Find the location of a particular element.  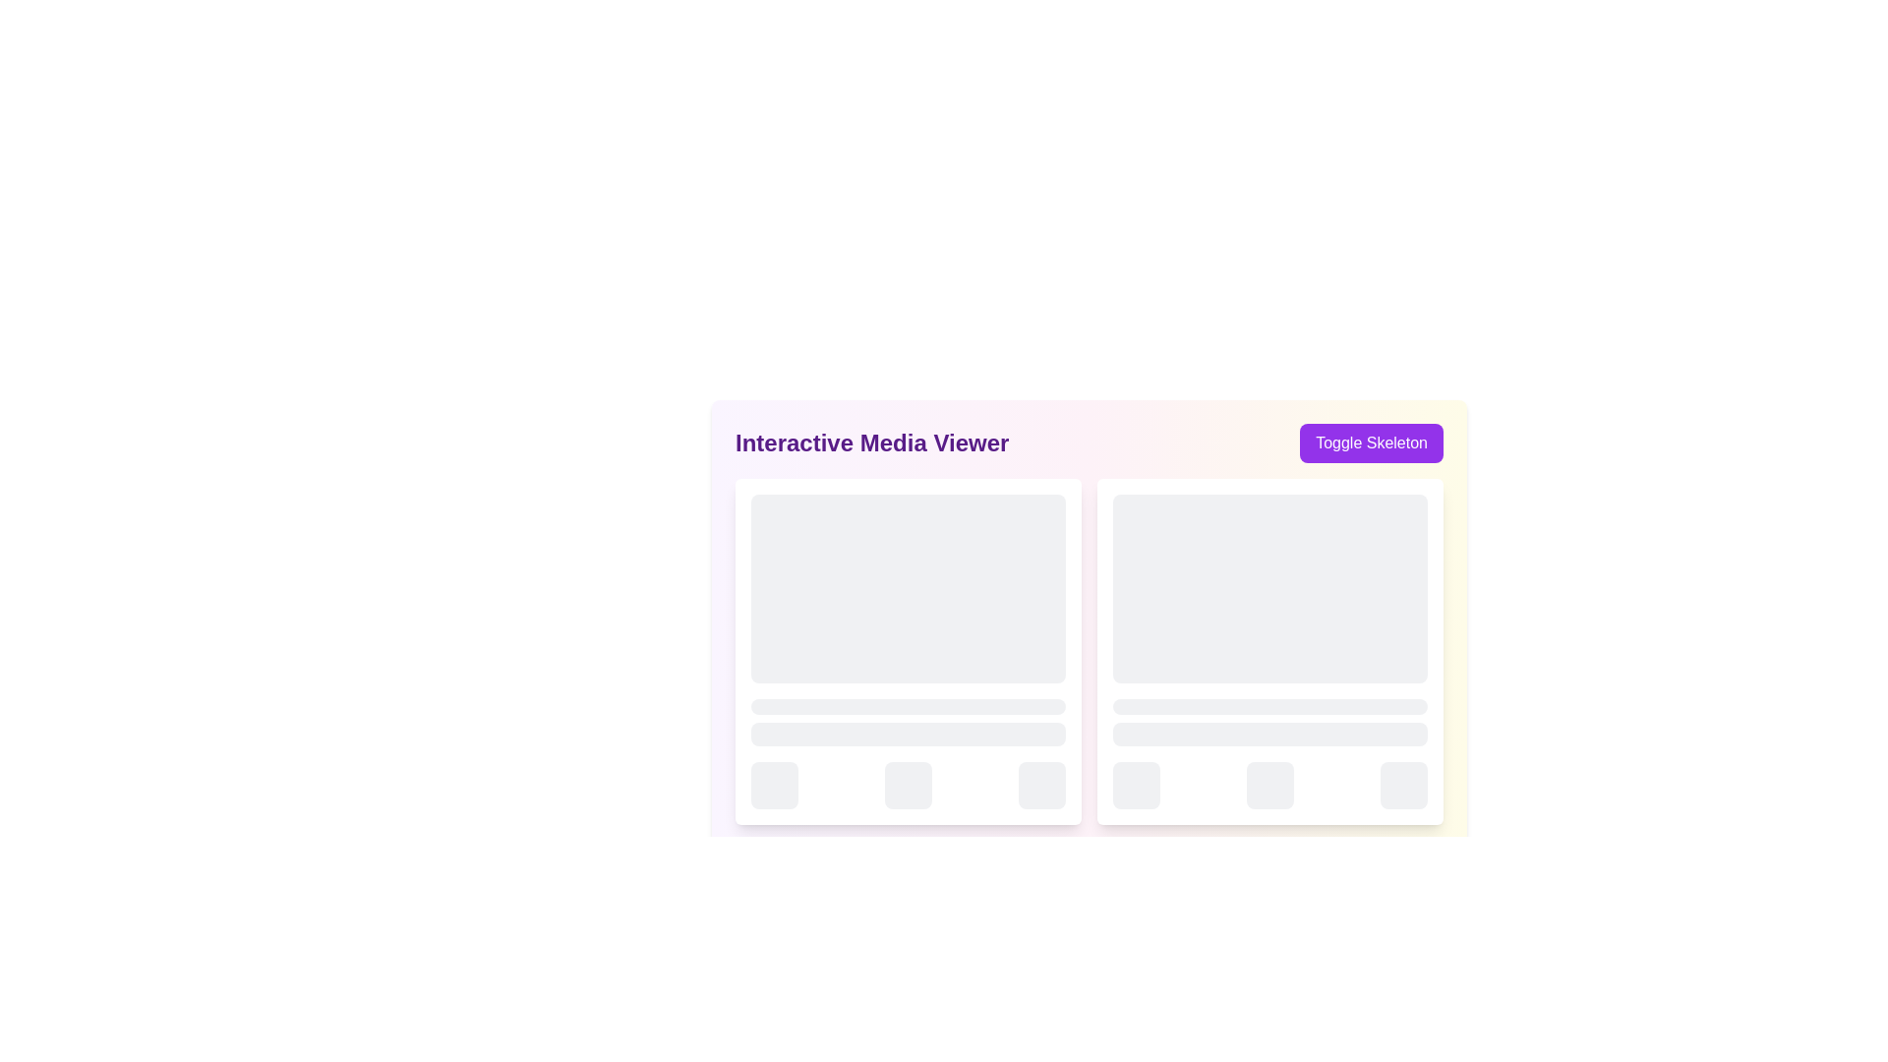

the Skeleton placeholder loading animation located at the center of the bottom section of the card layout, which is the middle component among three evenly spaced elements is located at coordinates (908, 784).